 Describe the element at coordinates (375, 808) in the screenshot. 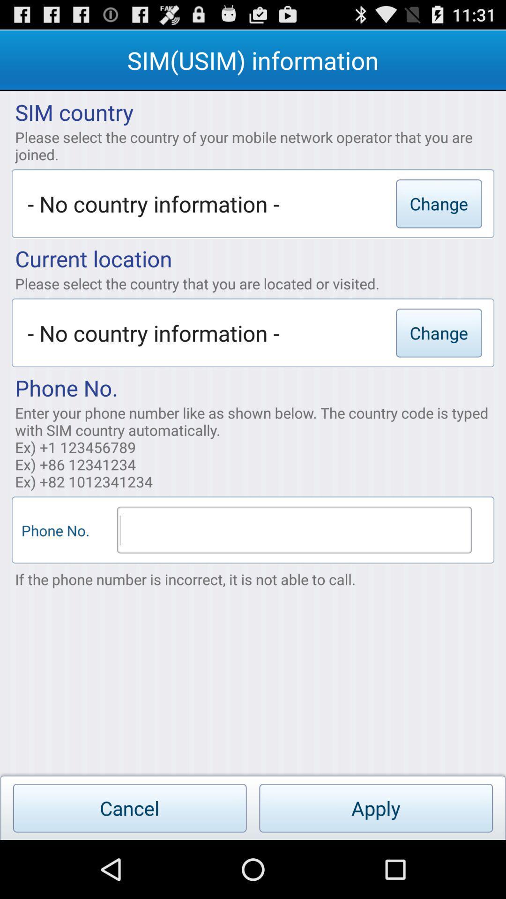

I see `the item to the right of cancel` at that location.